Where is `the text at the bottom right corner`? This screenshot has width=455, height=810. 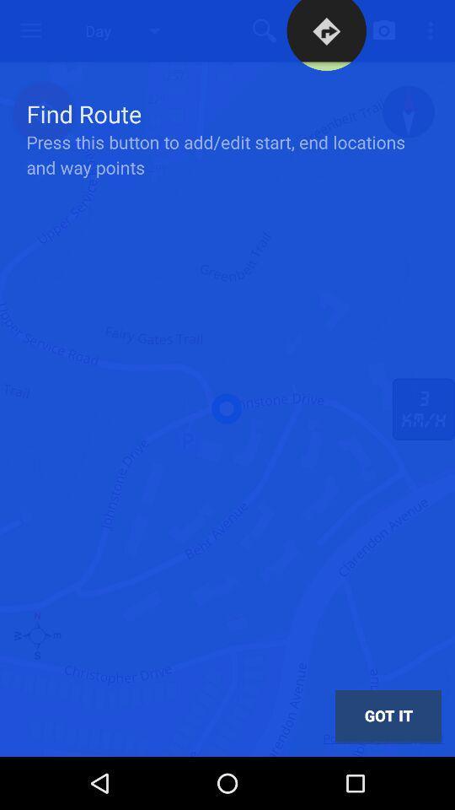
the text at the bottom right corner is located at coordinates (388, 715).